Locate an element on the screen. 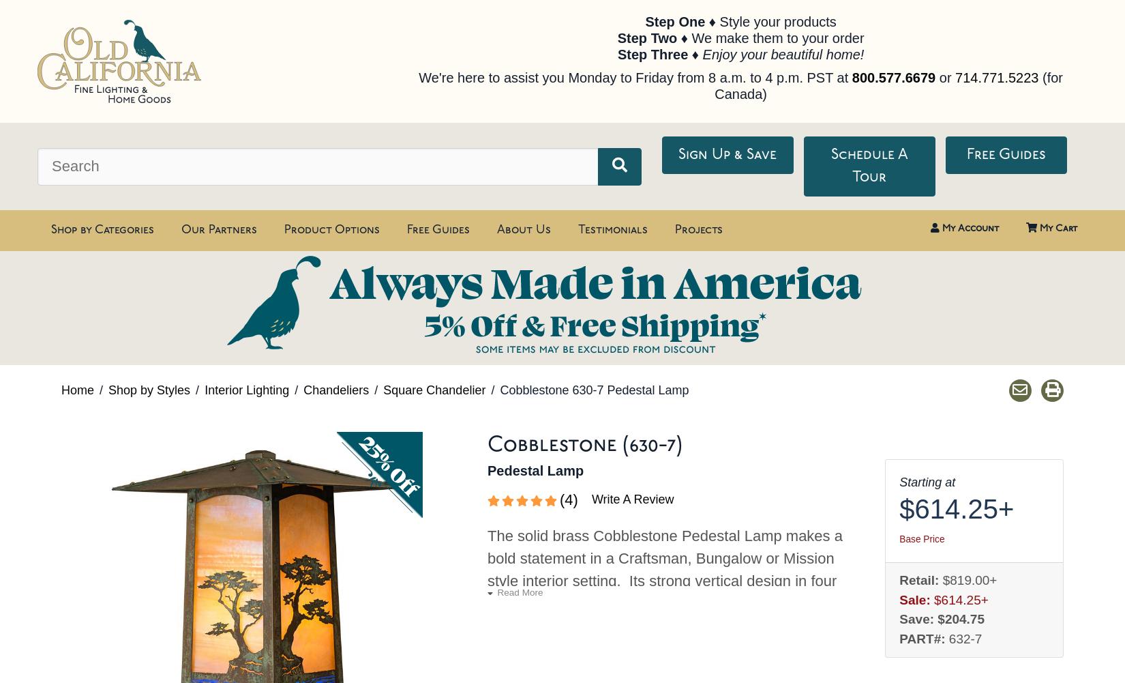 This screenshot has width=1125, height=683. 'Style your products' is located at coordinates (776, 22).